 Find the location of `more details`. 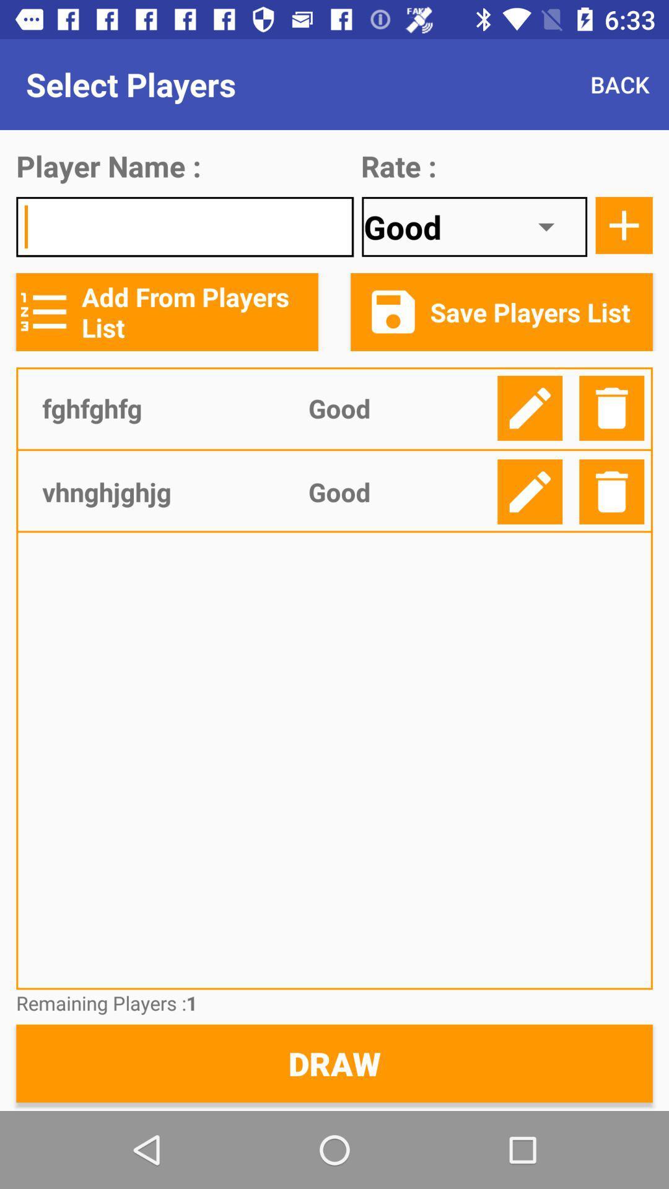

more details is located at coordinates (624, 225).